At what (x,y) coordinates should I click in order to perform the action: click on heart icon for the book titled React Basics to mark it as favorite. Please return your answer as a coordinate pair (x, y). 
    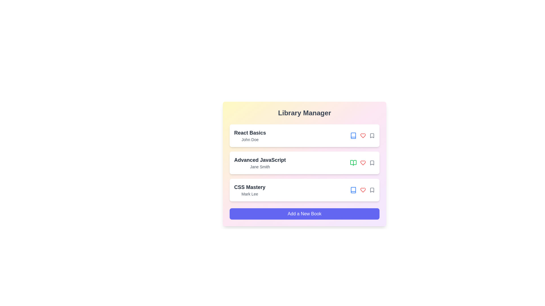
    Looking at the image, I should click on (362, 135).